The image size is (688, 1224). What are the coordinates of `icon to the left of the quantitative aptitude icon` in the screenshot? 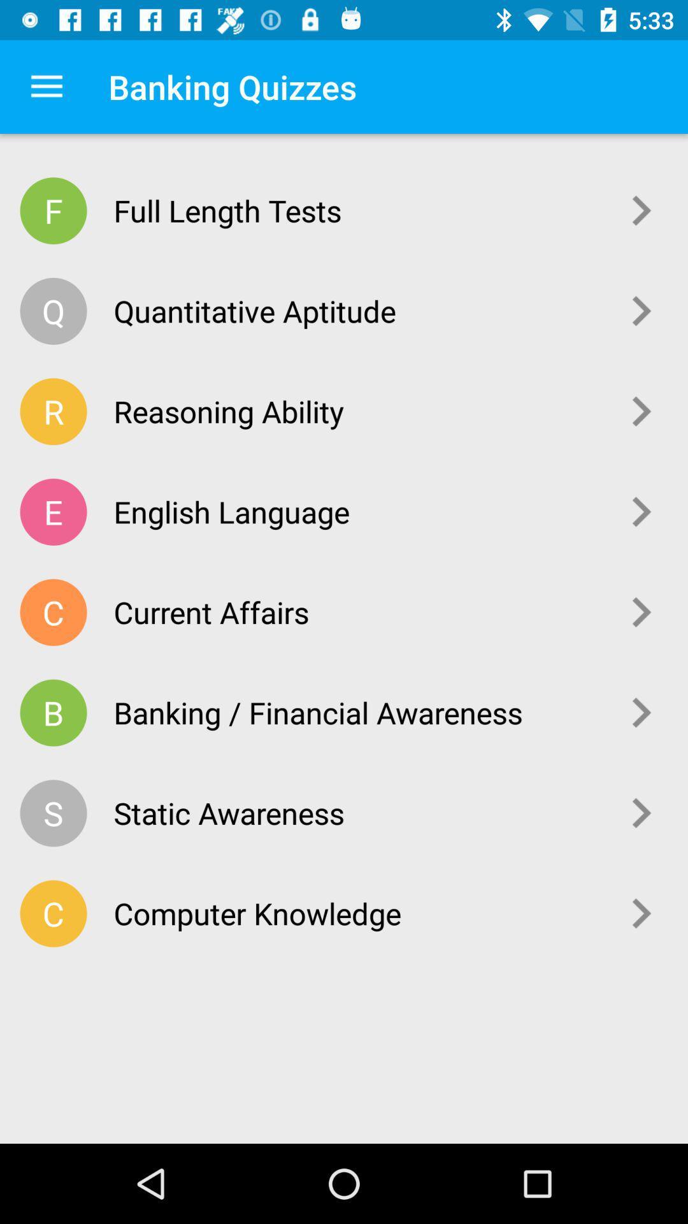 It's located at (53, 311).